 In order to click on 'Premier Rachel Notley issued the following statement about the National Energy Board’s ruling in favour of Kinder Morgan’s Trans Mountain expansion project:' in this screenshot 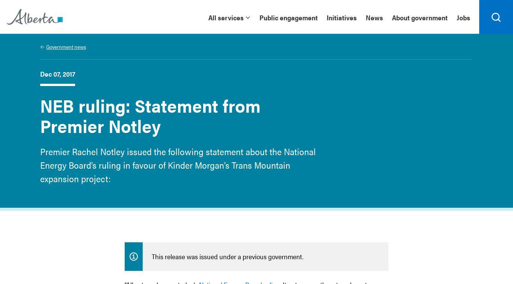, I will do `click(178, 165)`.